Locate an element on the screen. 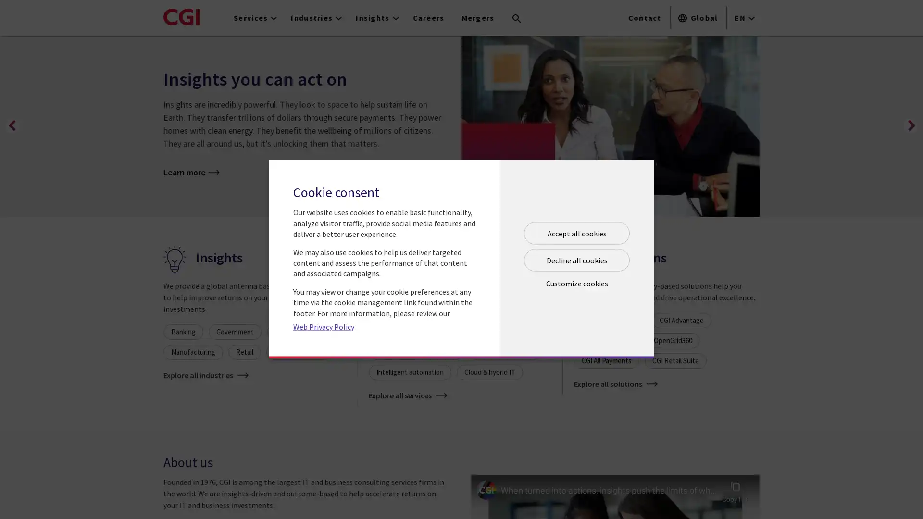  Decline all cookies is located at coordinates (577, 259).